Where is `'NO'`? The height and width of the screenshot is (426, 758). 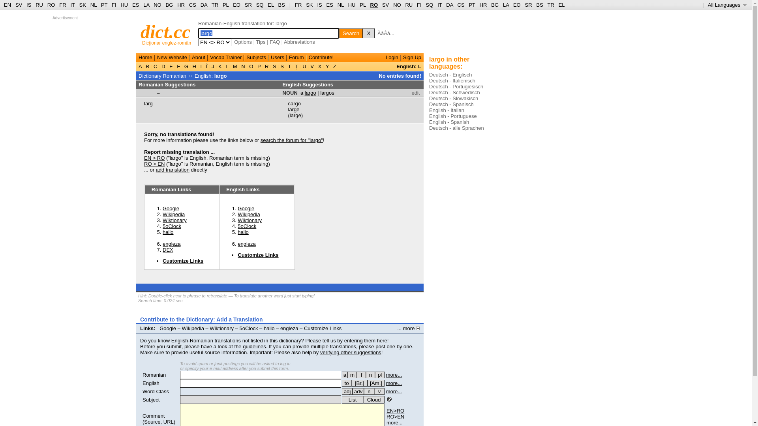
'NO' is located at coordinates (397, 5).